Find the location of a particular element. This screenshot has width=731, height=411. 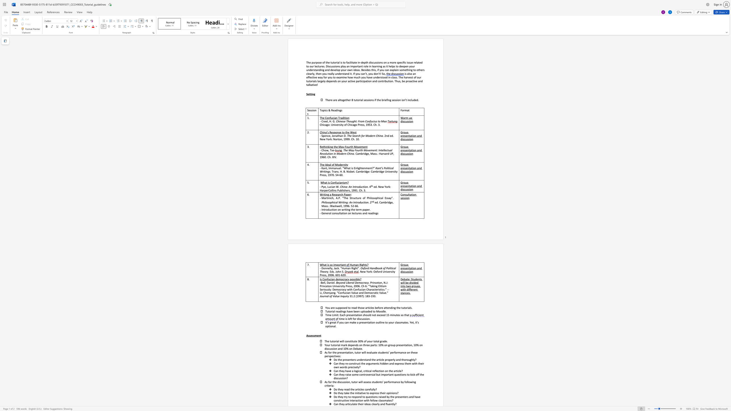

the subset text "Cr" within the text "- Creel, H. G." is located at coordinates (321, 121).